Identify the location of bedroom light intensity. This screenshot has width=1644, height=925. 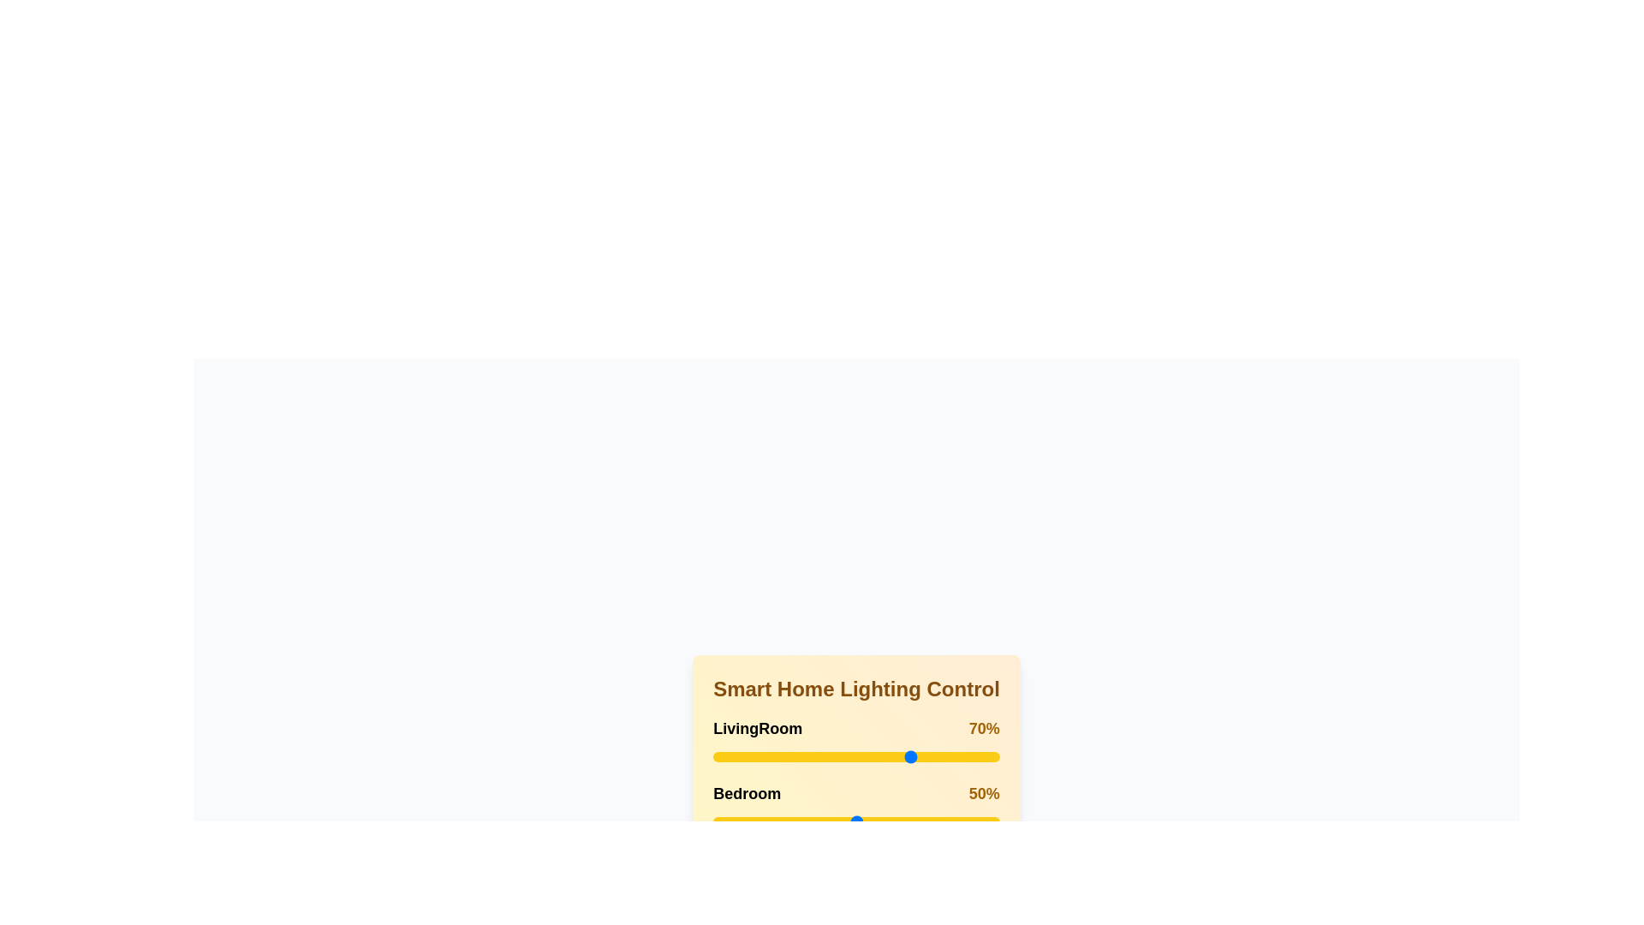
(902, 821).